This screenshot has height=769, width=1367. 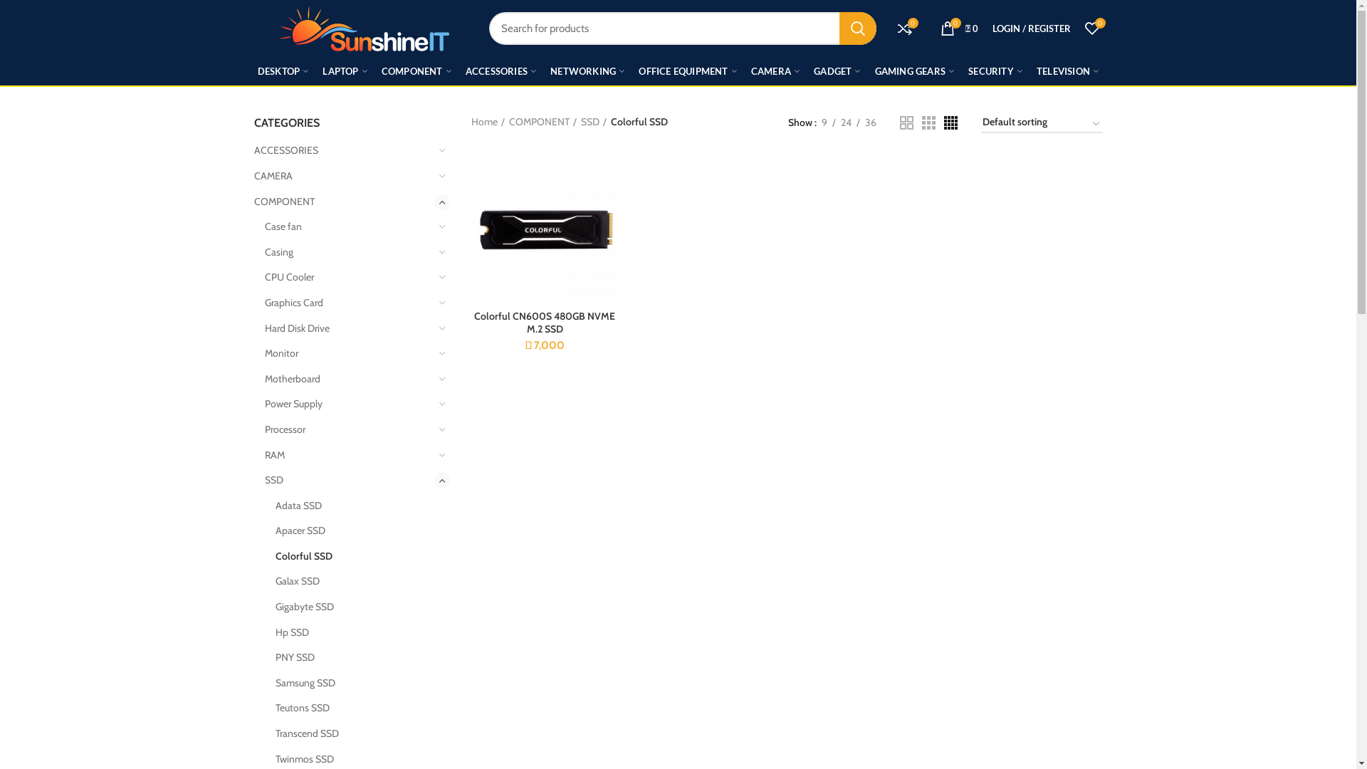 I want to click on 'Home', so click(x=488, y=122).